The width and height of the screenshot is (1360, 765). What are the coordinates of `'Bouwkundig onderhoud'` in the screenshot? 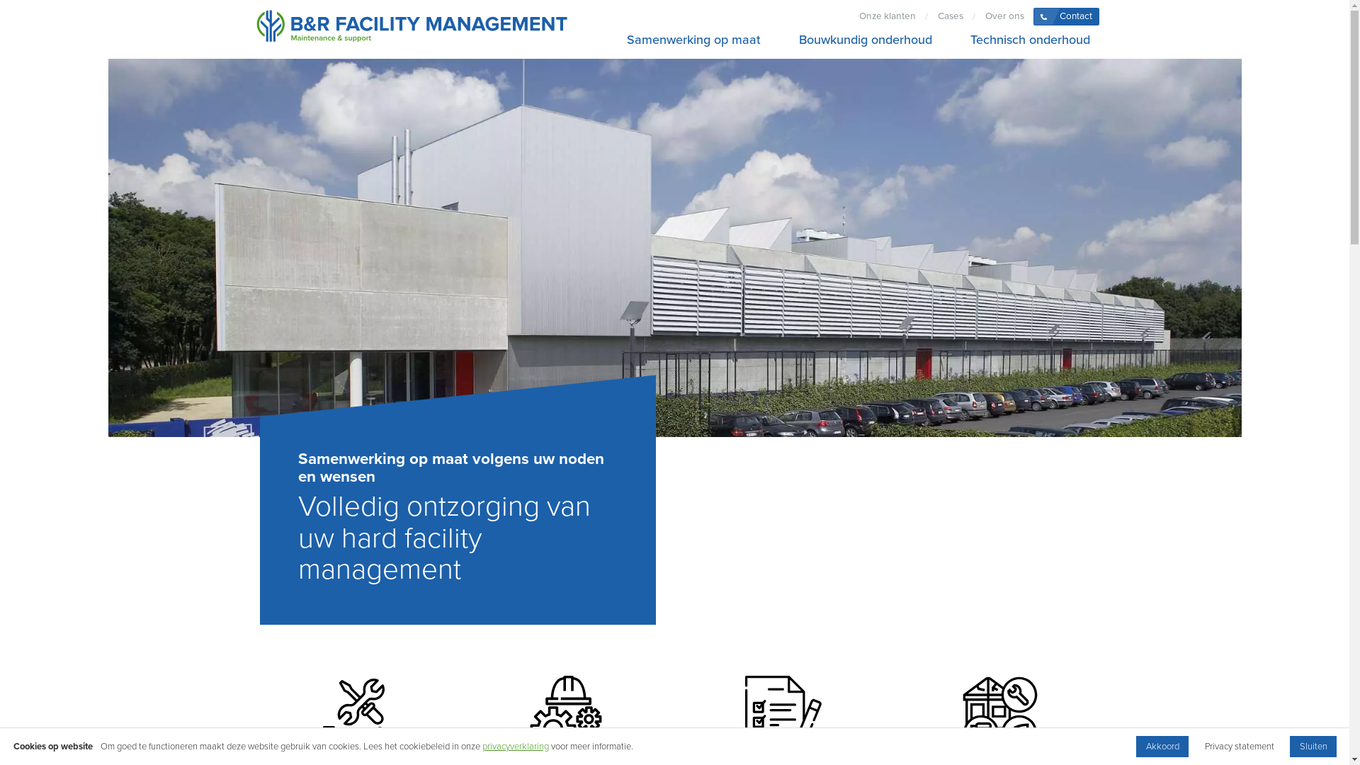 It's located at (788, 39).